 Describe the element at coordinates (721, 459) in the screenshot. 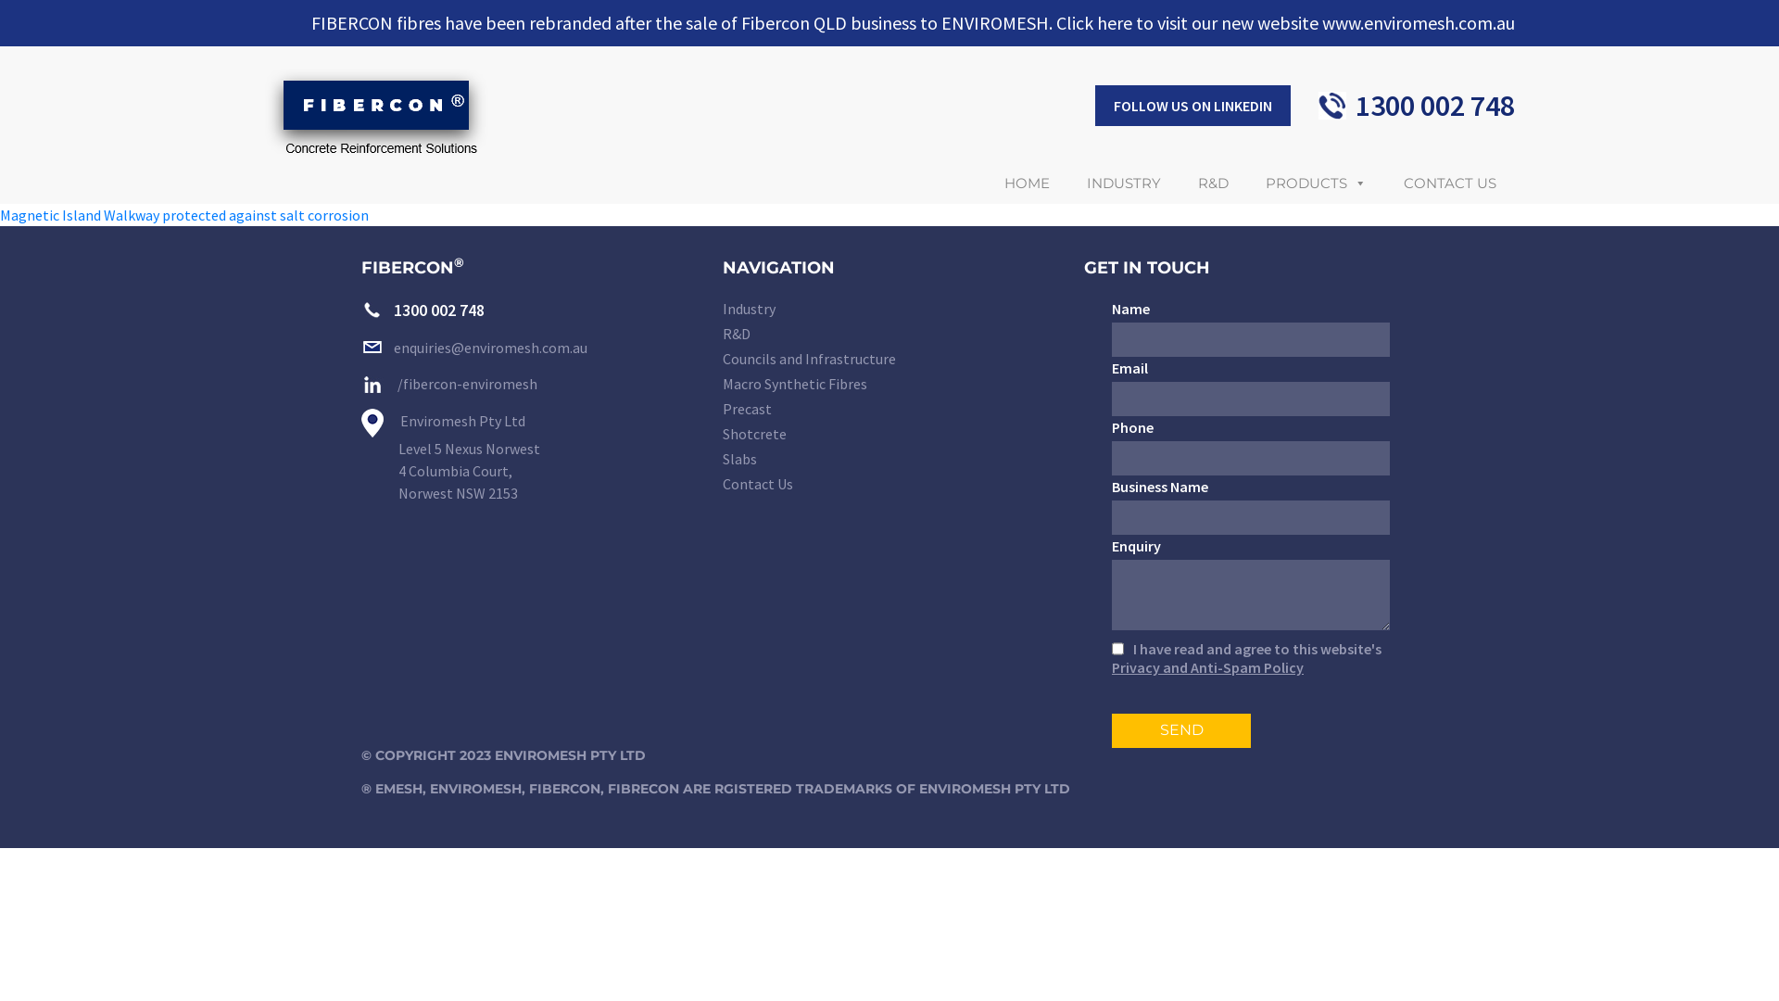

I see `'Slabs'` at that location.